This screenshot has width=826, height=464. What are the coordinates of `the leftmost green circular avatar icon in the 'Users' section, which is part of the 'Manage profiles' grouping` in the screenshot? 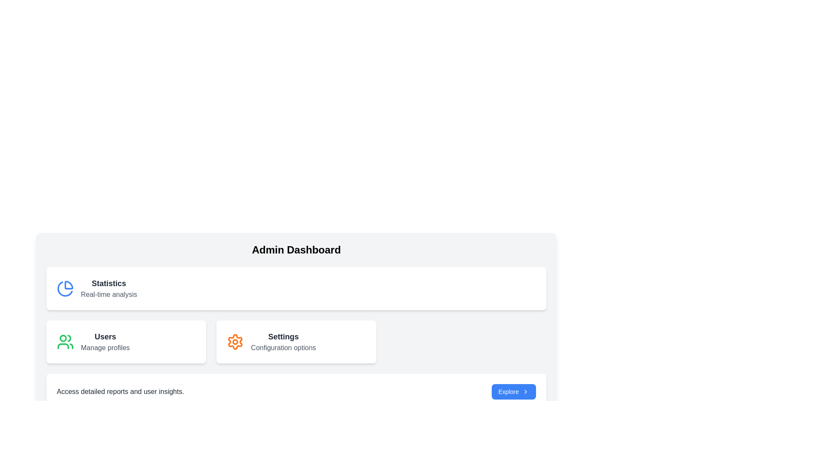 It's located at (63, 337).